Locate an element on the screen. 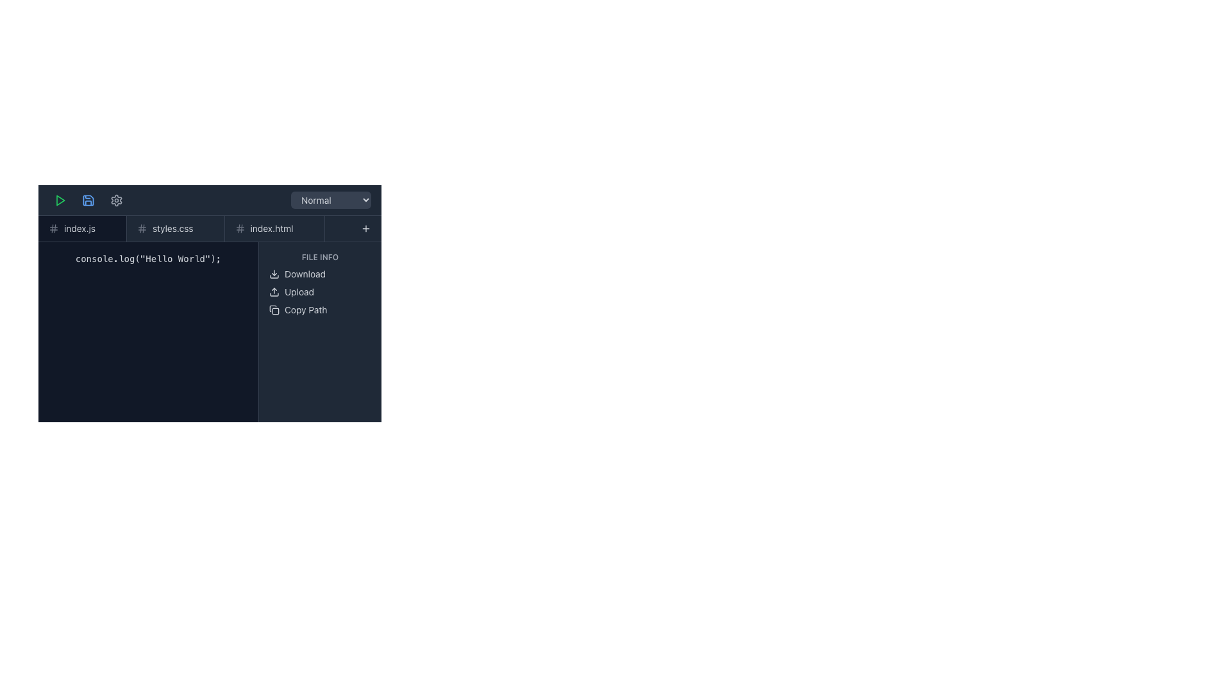  the first clickable button in the right sidebar that allows users to download content is located at coordinates (320, 274).